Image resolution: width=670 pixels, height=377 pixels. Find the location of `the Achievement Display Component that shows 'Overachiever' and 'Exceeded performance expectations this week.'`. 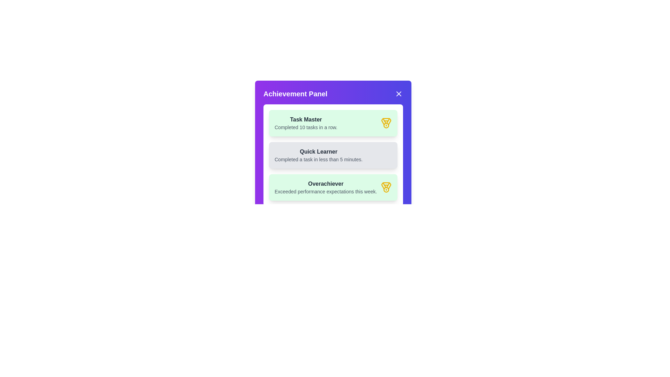

the Achievement Display Component that shows 'Overachiever' and 'Exceeded performance expectations this week.' is located at coordinates (325, 187).